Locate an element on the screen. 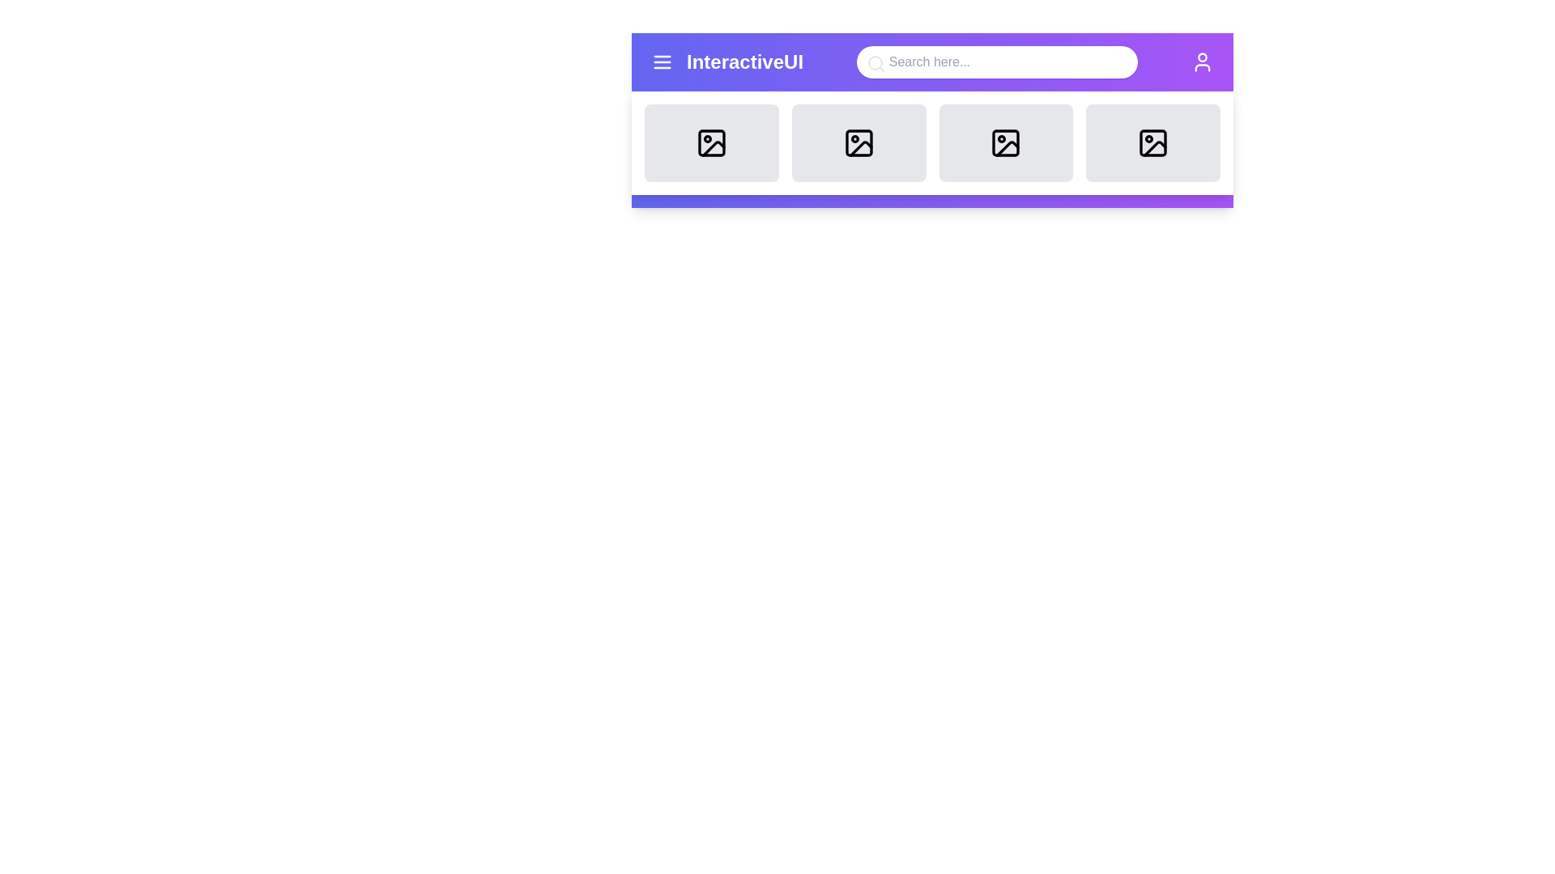  the menu icon to open the menu is located at coordinates (662, 62).